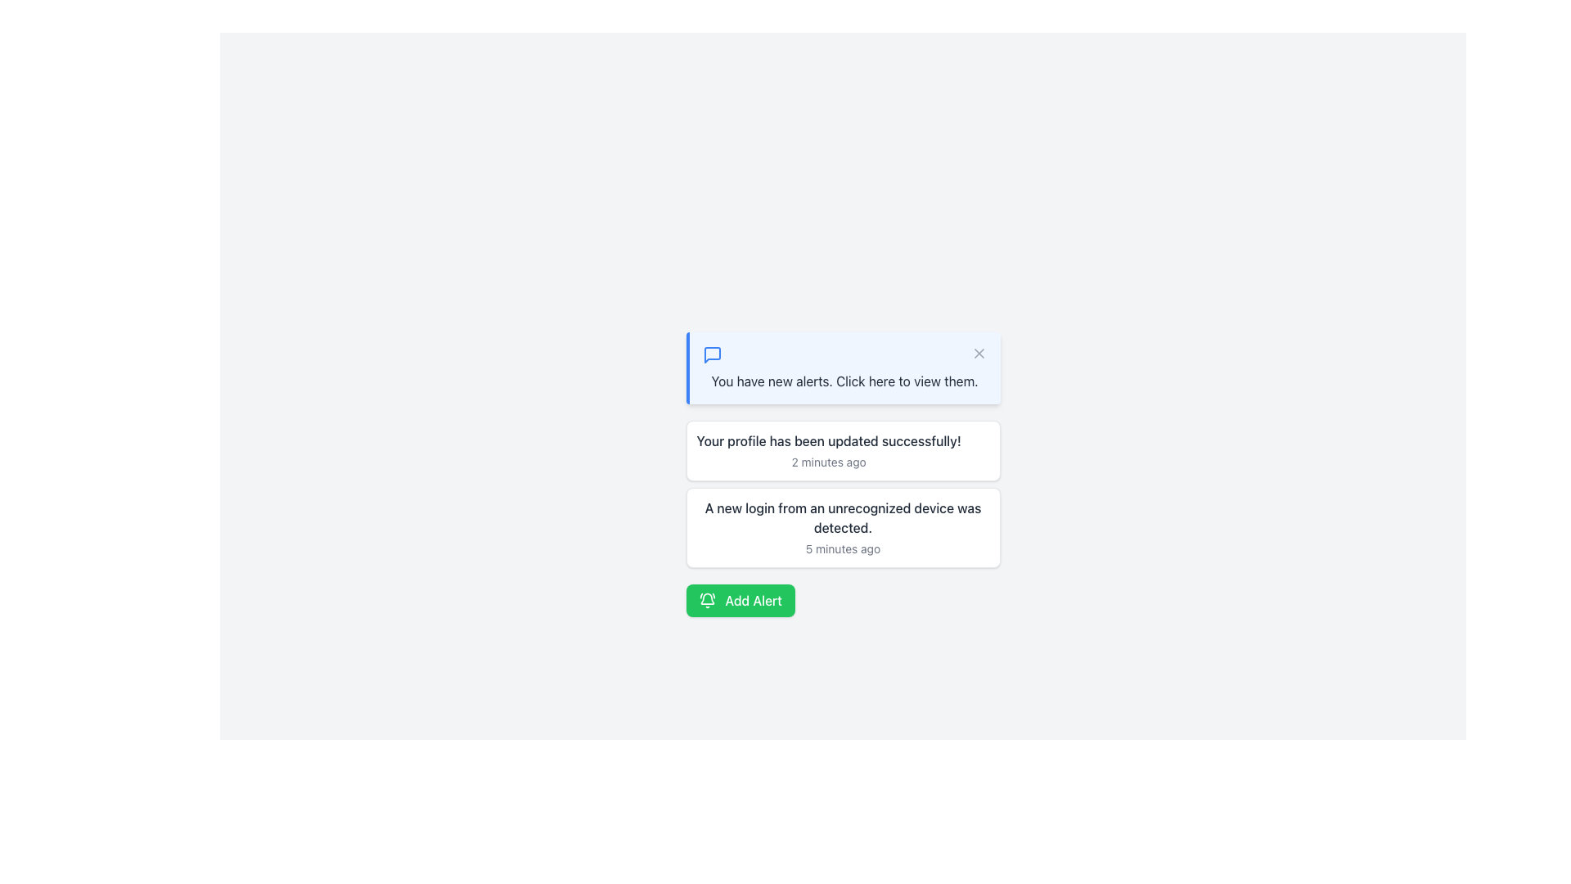  Describe the element at coordinates (843, 527) in the screenshot. I see `text displayed in the Notification text block that states 'A new login from an unrecognized device was detected.'` at that location.